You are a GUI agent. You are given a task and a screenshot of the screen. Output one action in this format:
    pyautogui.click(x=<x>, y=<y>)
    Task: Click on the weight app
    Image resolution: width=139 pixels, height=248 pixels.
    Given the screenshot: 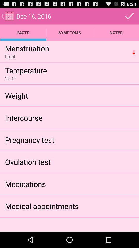 What is the action you would take?
    pyautogui.click(x=16, y=95)
    